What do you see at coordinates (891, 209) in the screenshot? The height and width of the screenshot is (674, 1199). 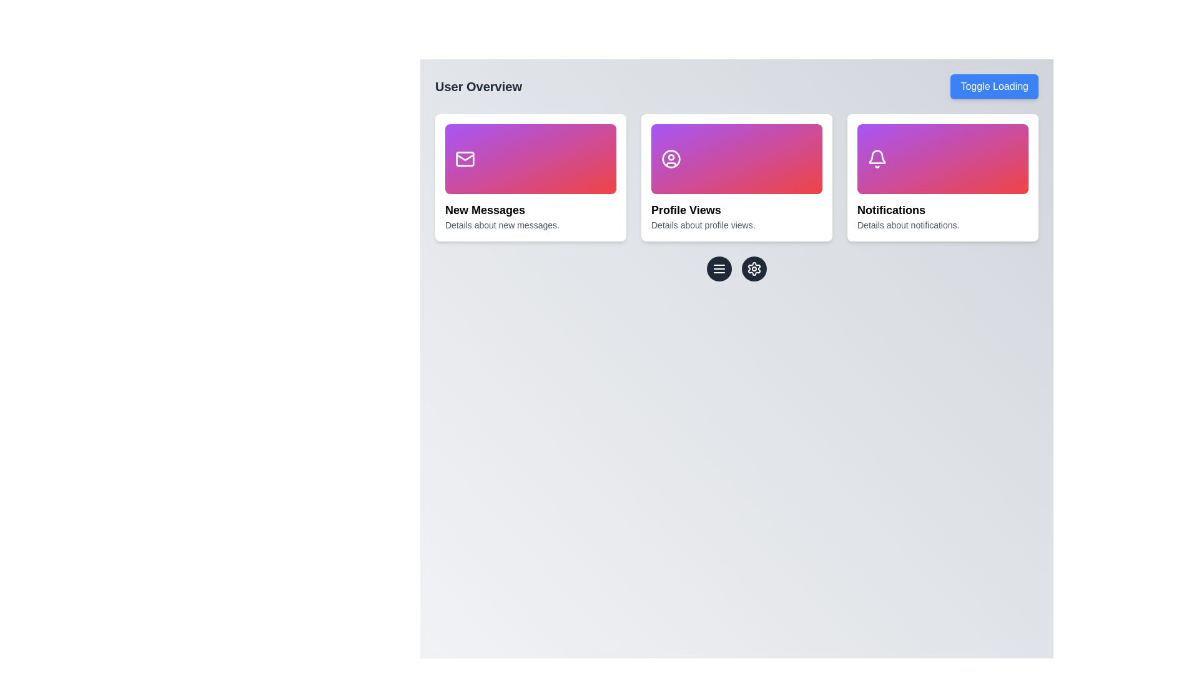 I see `the 'Notifications' text label, which is a large, bold font positioned below a gradient background card with a bell icon, located in the third card of three` at bounding box center [891, 209].